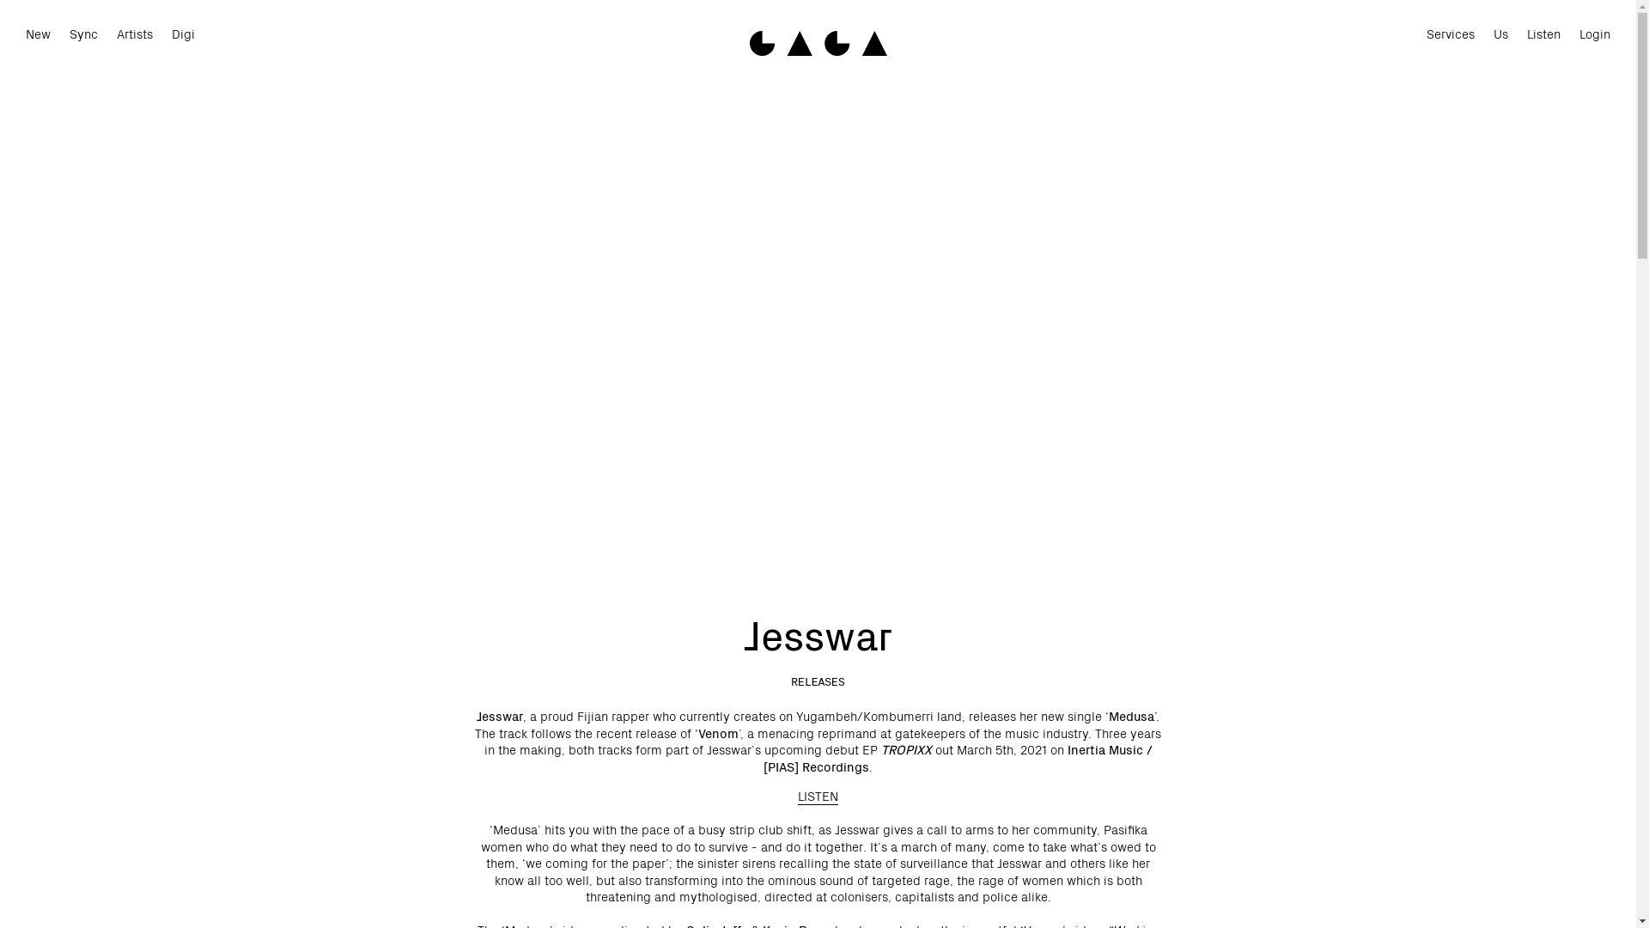 The image size is (1649, 928). Describe the element at coordinates (82, 34) in the screenshot. I see `'Sync'` at that location.